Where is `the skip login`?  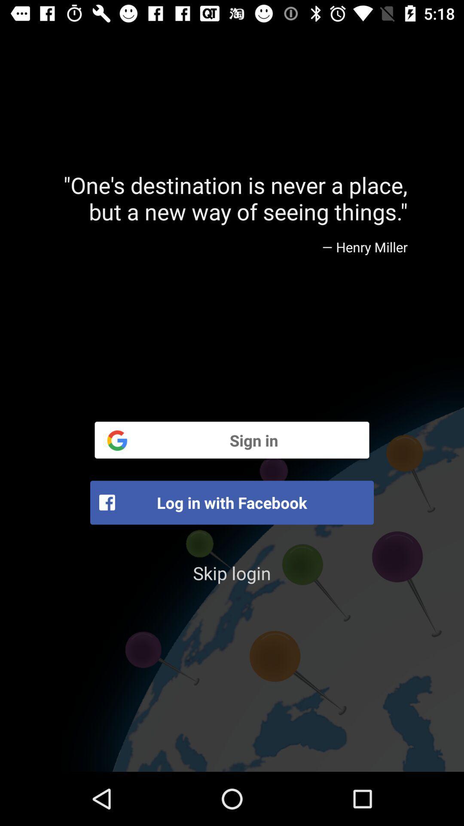
the skip login is located at coordinates (232, 573).